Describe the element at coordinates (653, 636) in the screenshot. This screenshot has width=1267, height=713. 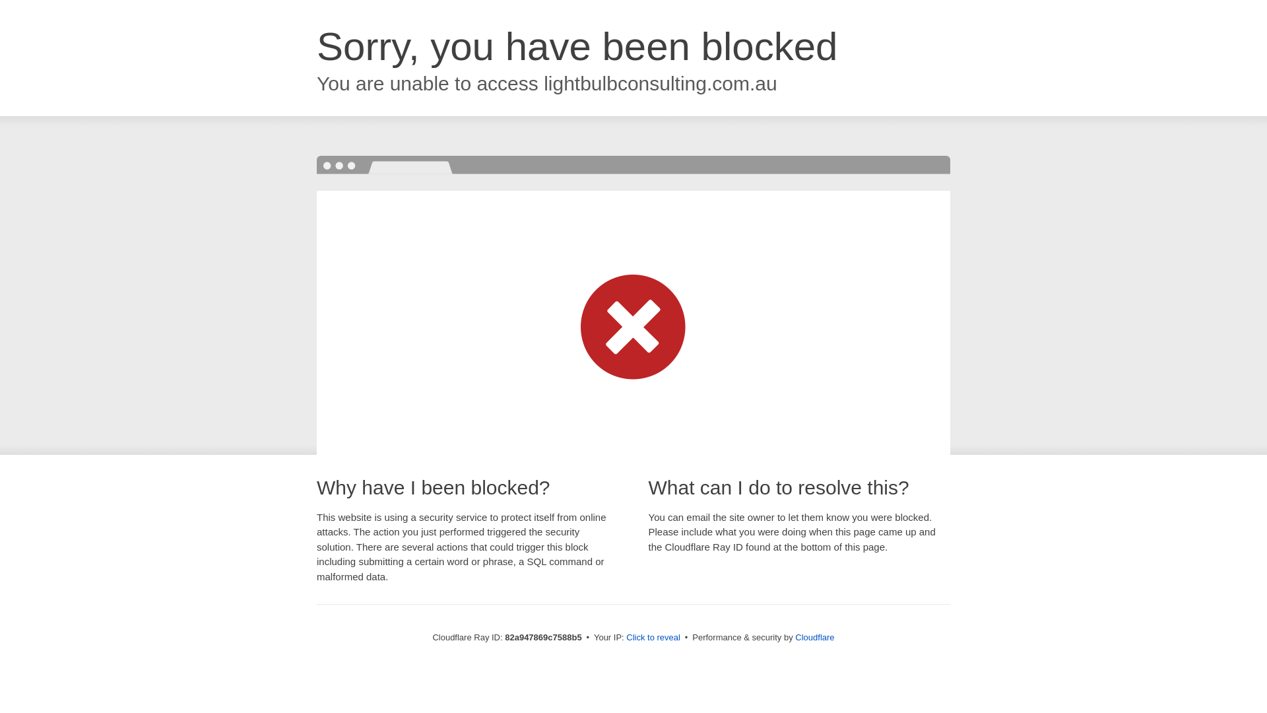
I see `'Click to reveal'` at that location.